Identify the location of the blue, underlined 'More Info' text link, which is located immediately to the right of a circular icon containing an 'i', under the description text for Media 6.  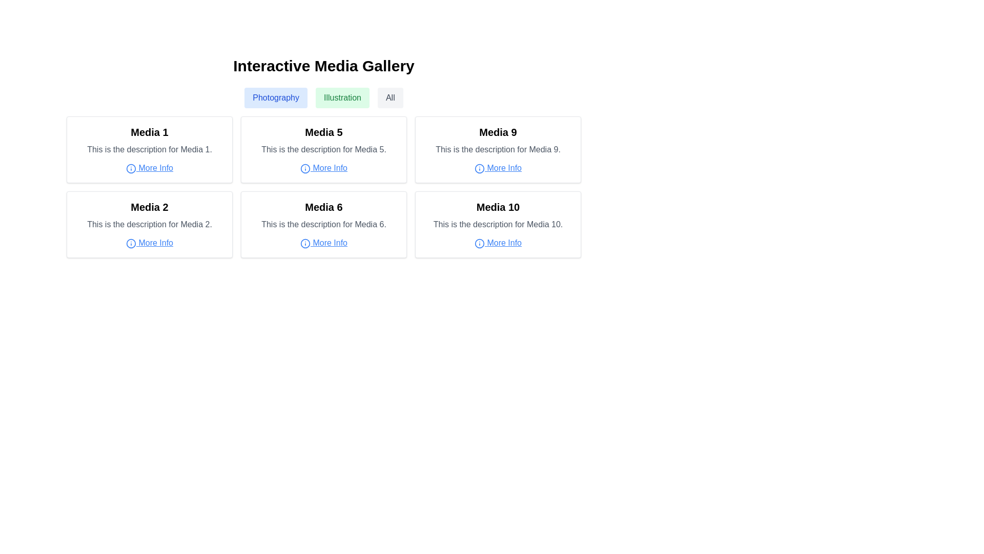
(323, 243).